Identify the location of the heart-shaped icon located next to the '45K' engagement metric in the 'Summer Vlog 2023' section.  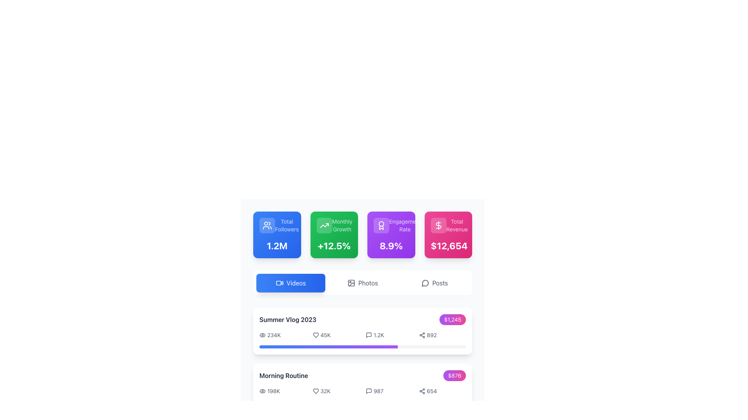
(316, 334).